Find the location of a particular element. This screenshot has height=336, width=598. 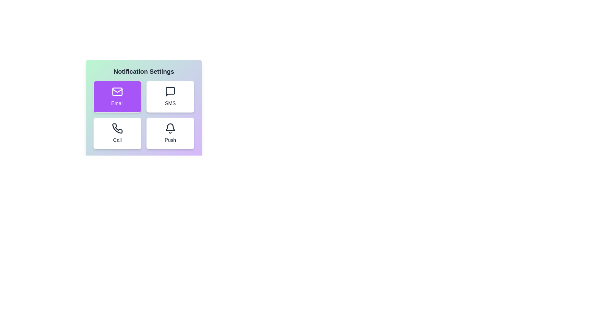

the notification method Push by clicking its corresponding button is located at coordinates (170, 133).